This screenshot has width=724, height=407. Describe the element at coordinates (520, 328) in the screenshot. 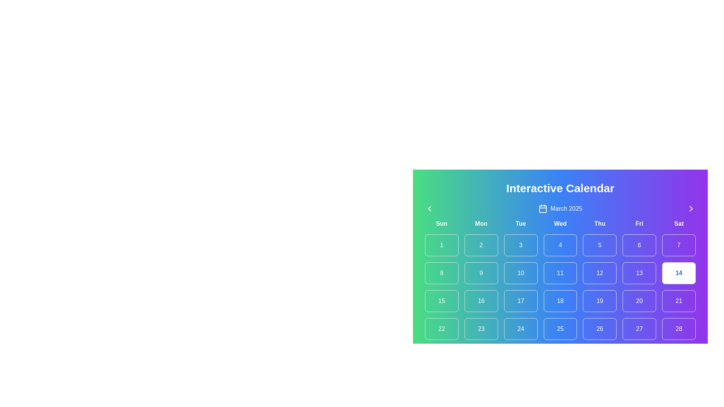

I see `the calendar button representing the 24th day of the month` at that location.